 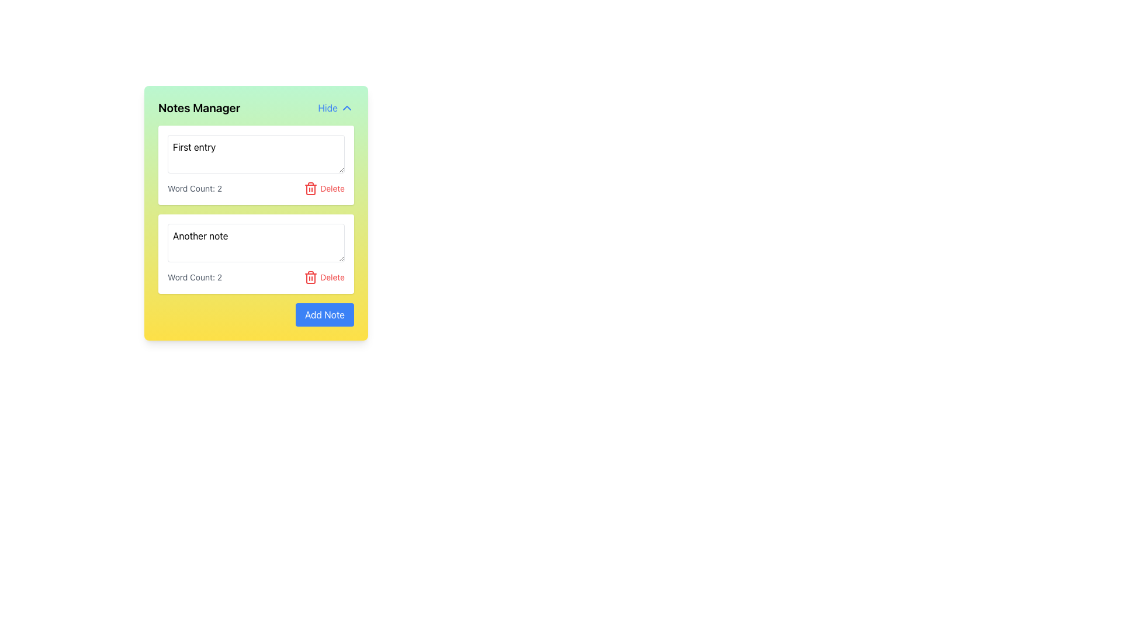 I want to click on the Chevron Up SVG icon located to the immediate right of the 'Hide' text, so click(x=347, y=108).